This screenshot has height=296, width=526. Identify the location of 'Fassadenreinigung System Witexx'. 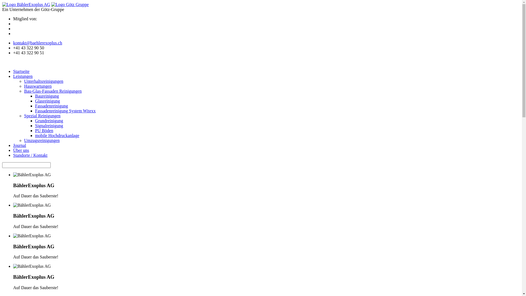
(65, 111).